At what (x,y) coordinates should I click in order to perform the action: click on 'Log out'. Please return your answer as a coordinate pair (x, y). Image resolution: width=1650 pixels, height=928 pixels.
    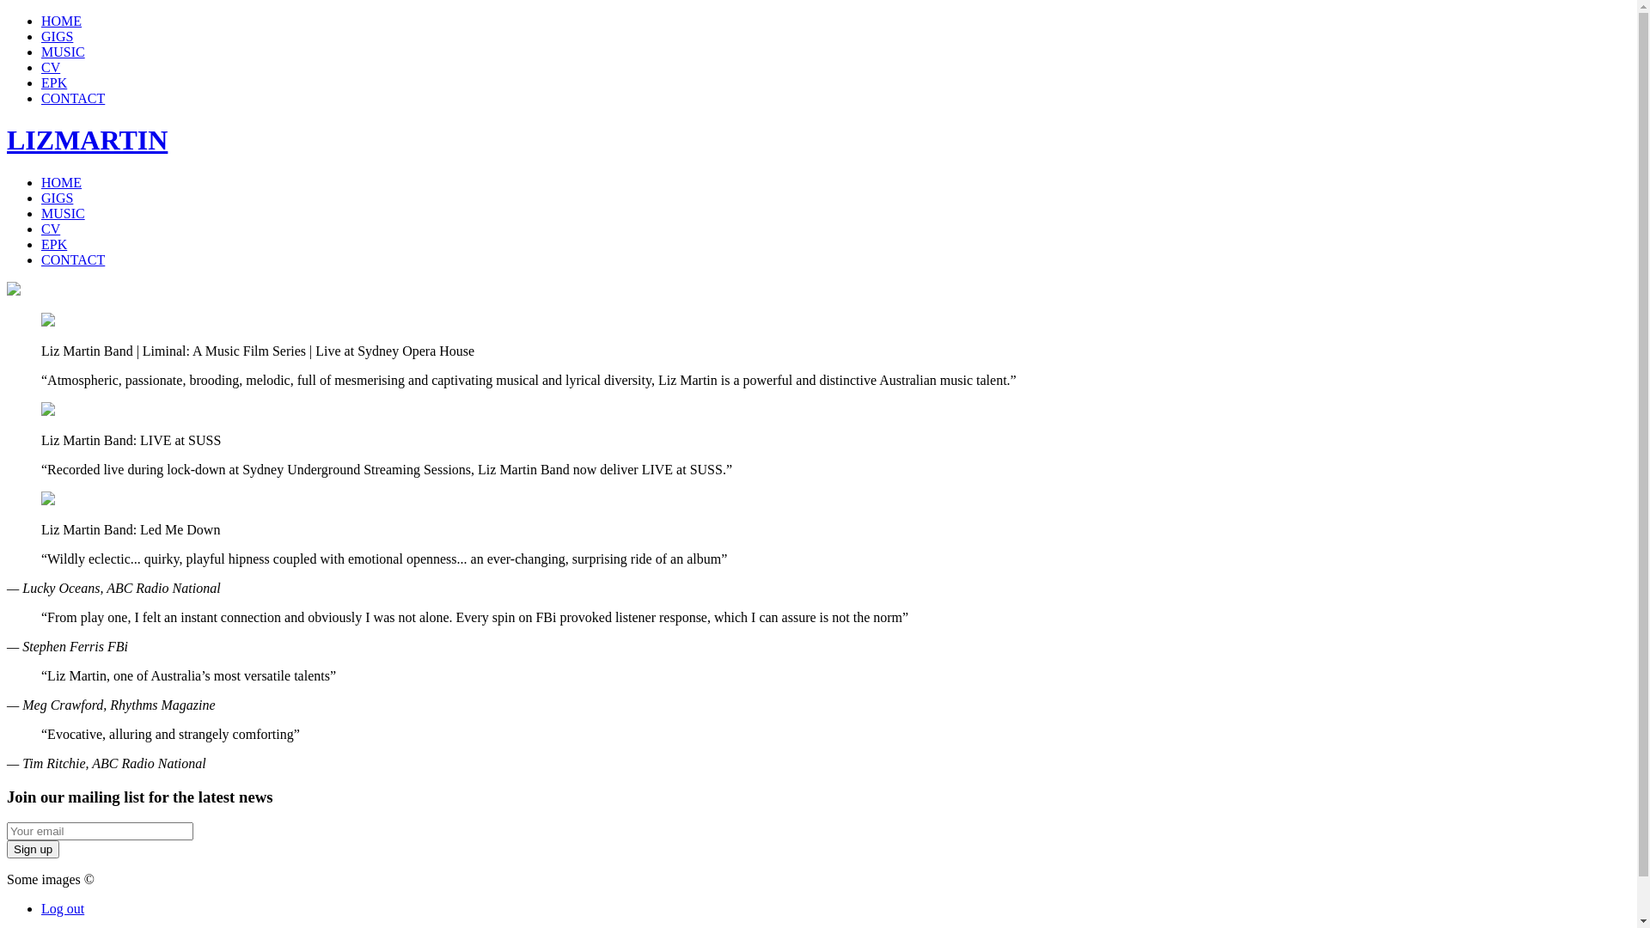
    Looking at the image, I should click on (41, 907).